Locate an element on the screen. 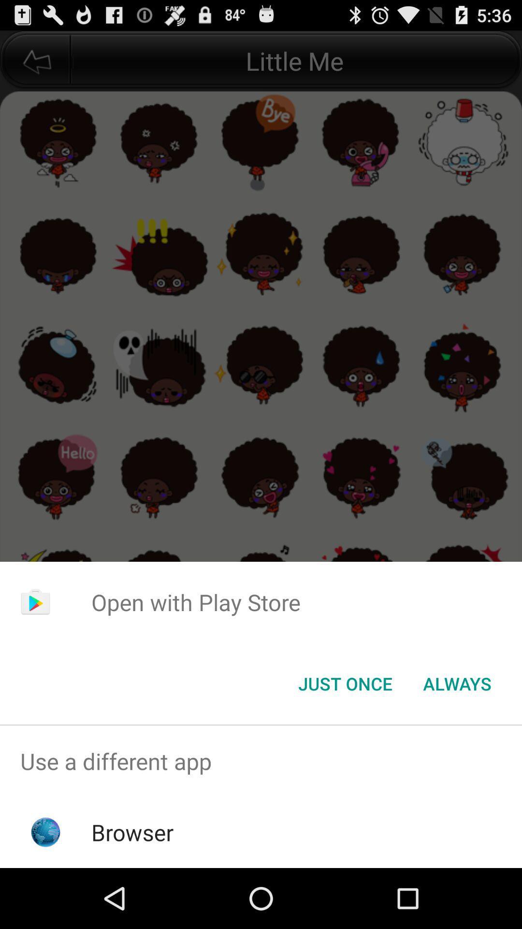 Image resolution: width=522 pixels, height=929 pixels. just once item is located at coordinates (345, 683).